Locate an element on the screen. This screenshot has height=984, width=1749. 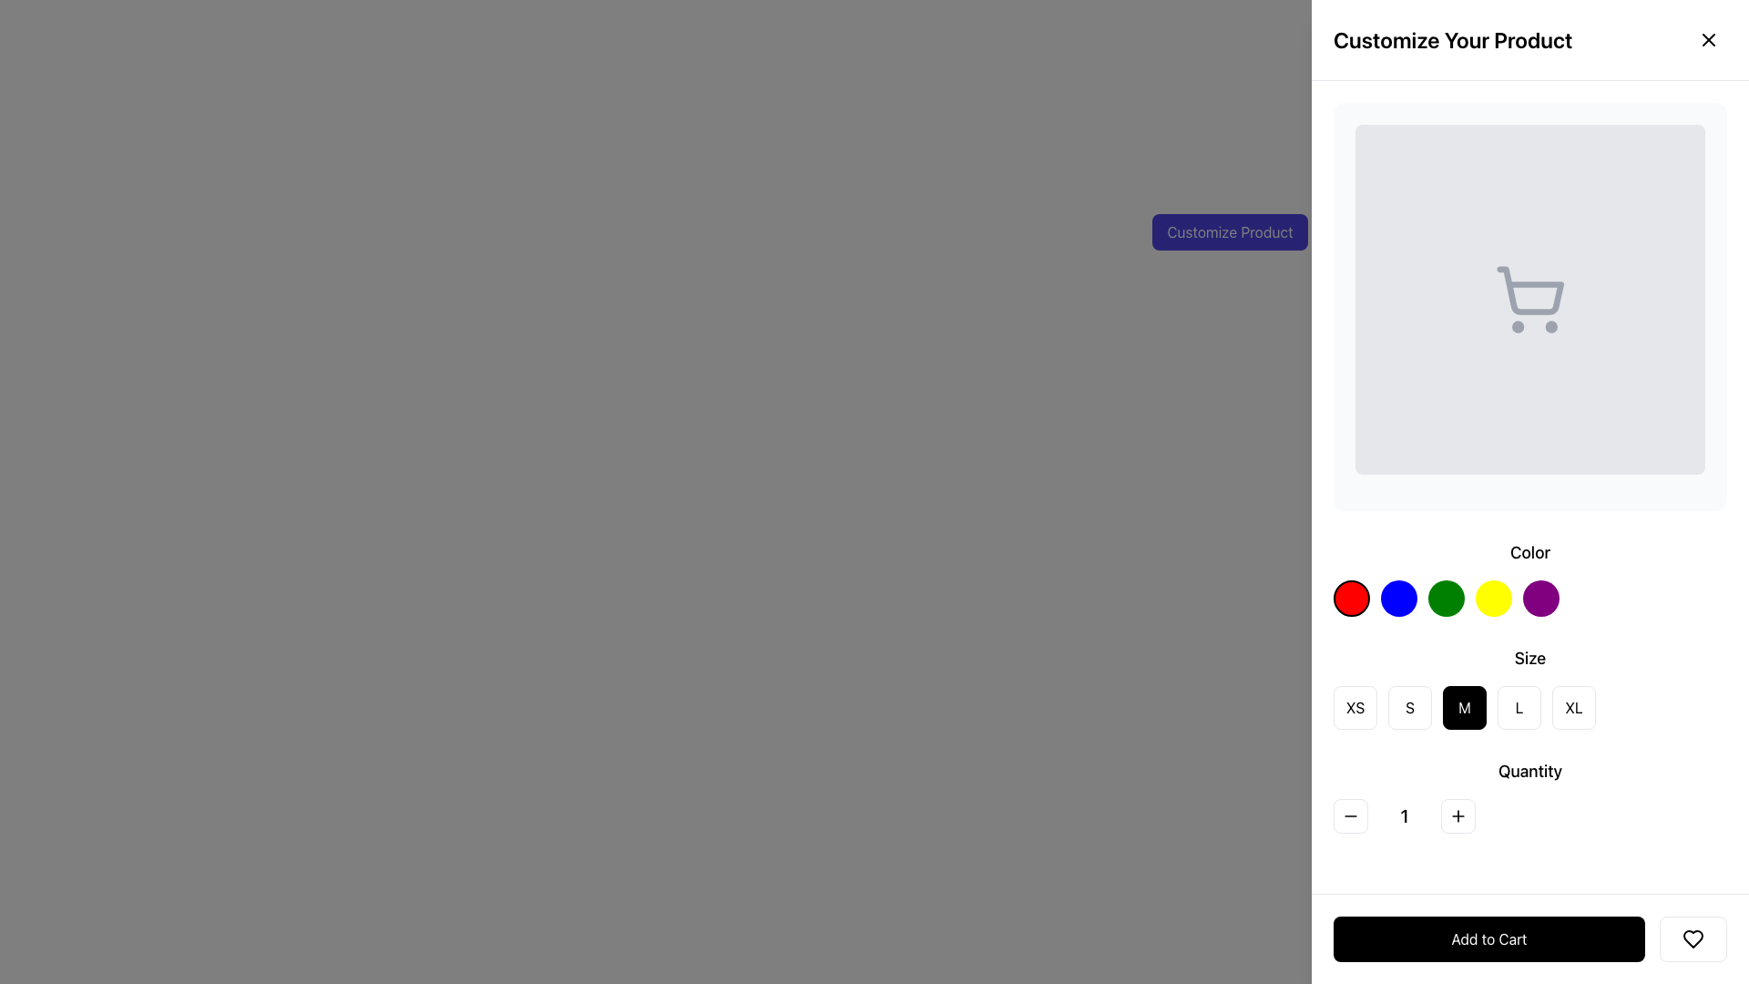
the heart-shaped outline icon representing the 'favorite' action located in the bottom-right corner of the interface is located at coordinates (1692, 938).